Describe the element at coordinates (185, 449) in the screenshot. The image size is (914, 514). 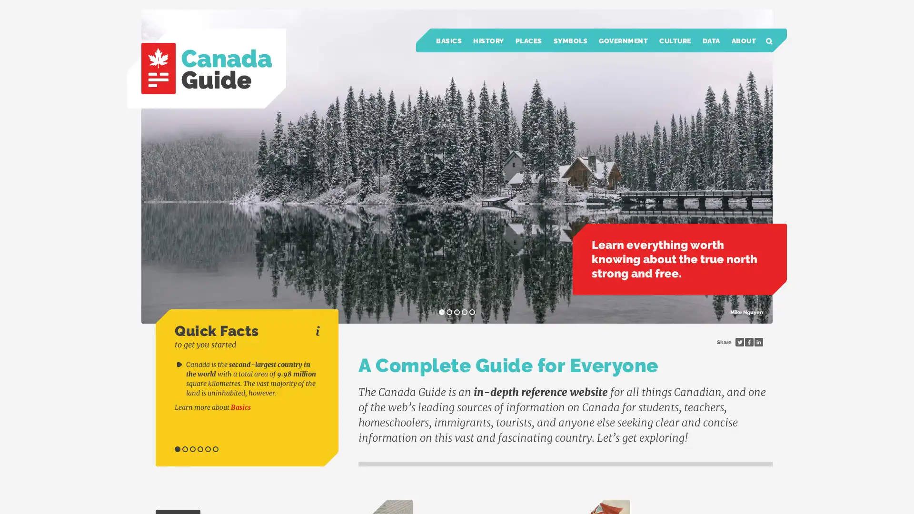
I see `Go to slide 2` at that location.